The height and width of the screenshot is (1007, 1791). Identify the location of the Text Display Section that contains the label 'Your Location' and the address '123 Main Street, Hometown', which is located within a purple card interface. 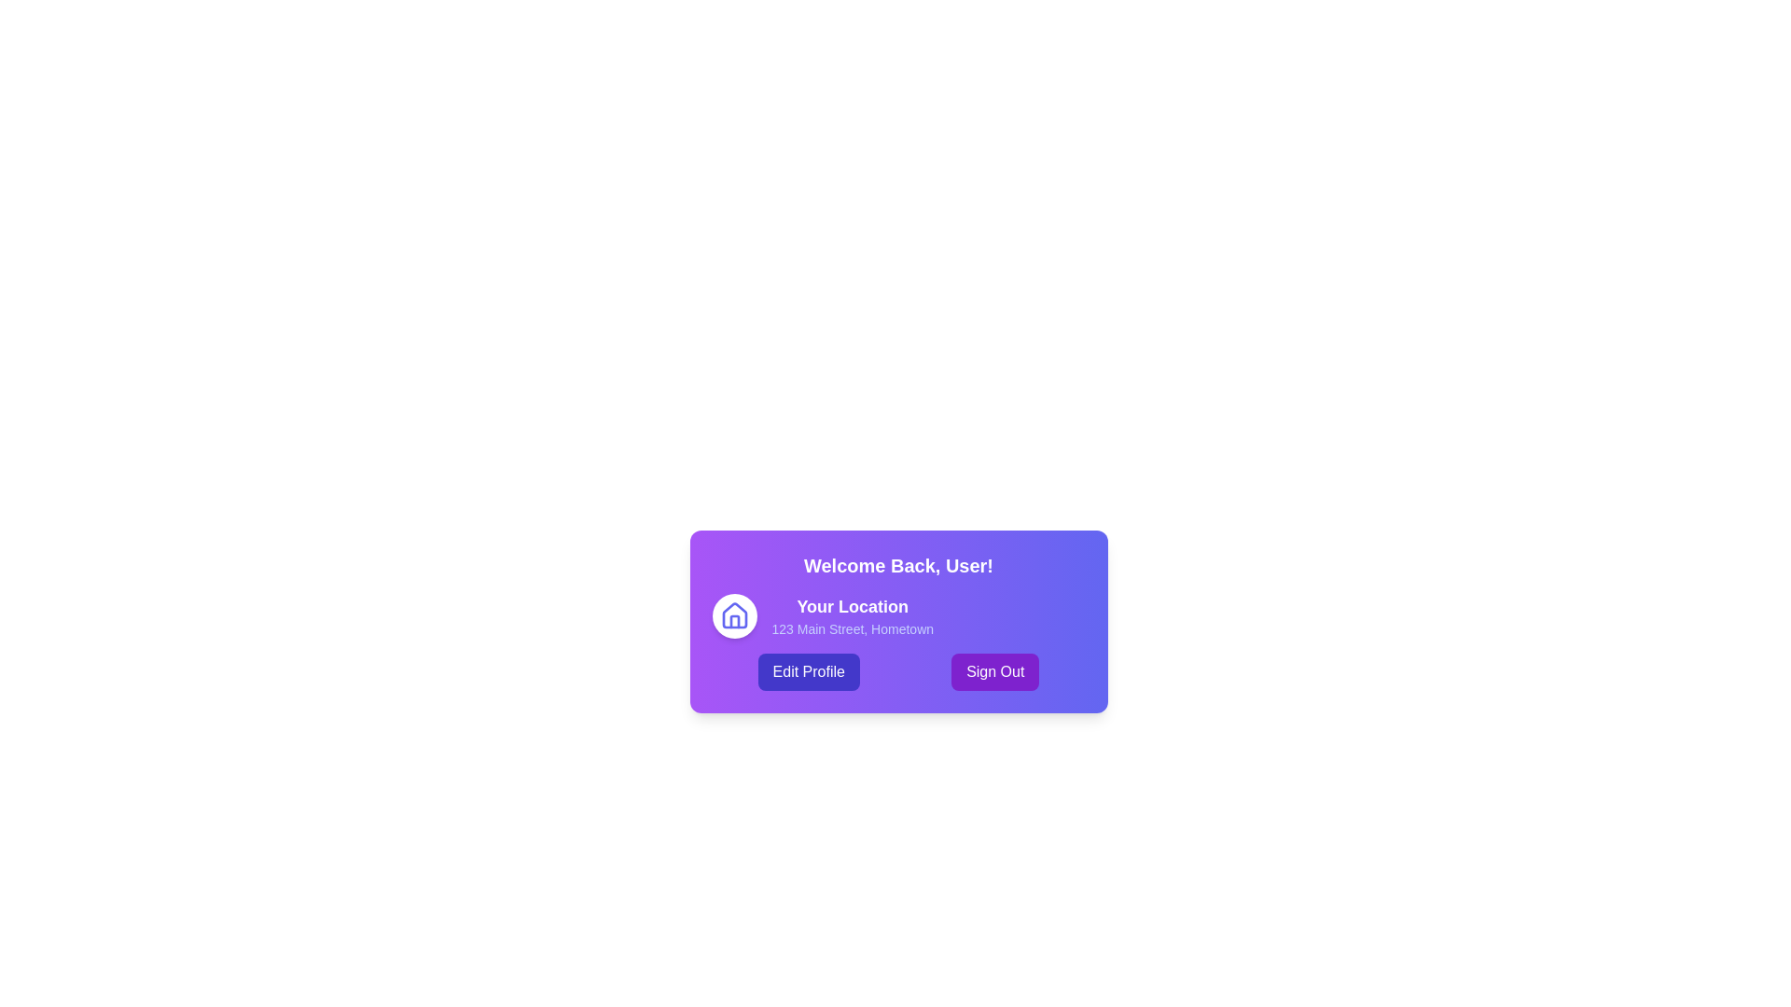
(852, 615).